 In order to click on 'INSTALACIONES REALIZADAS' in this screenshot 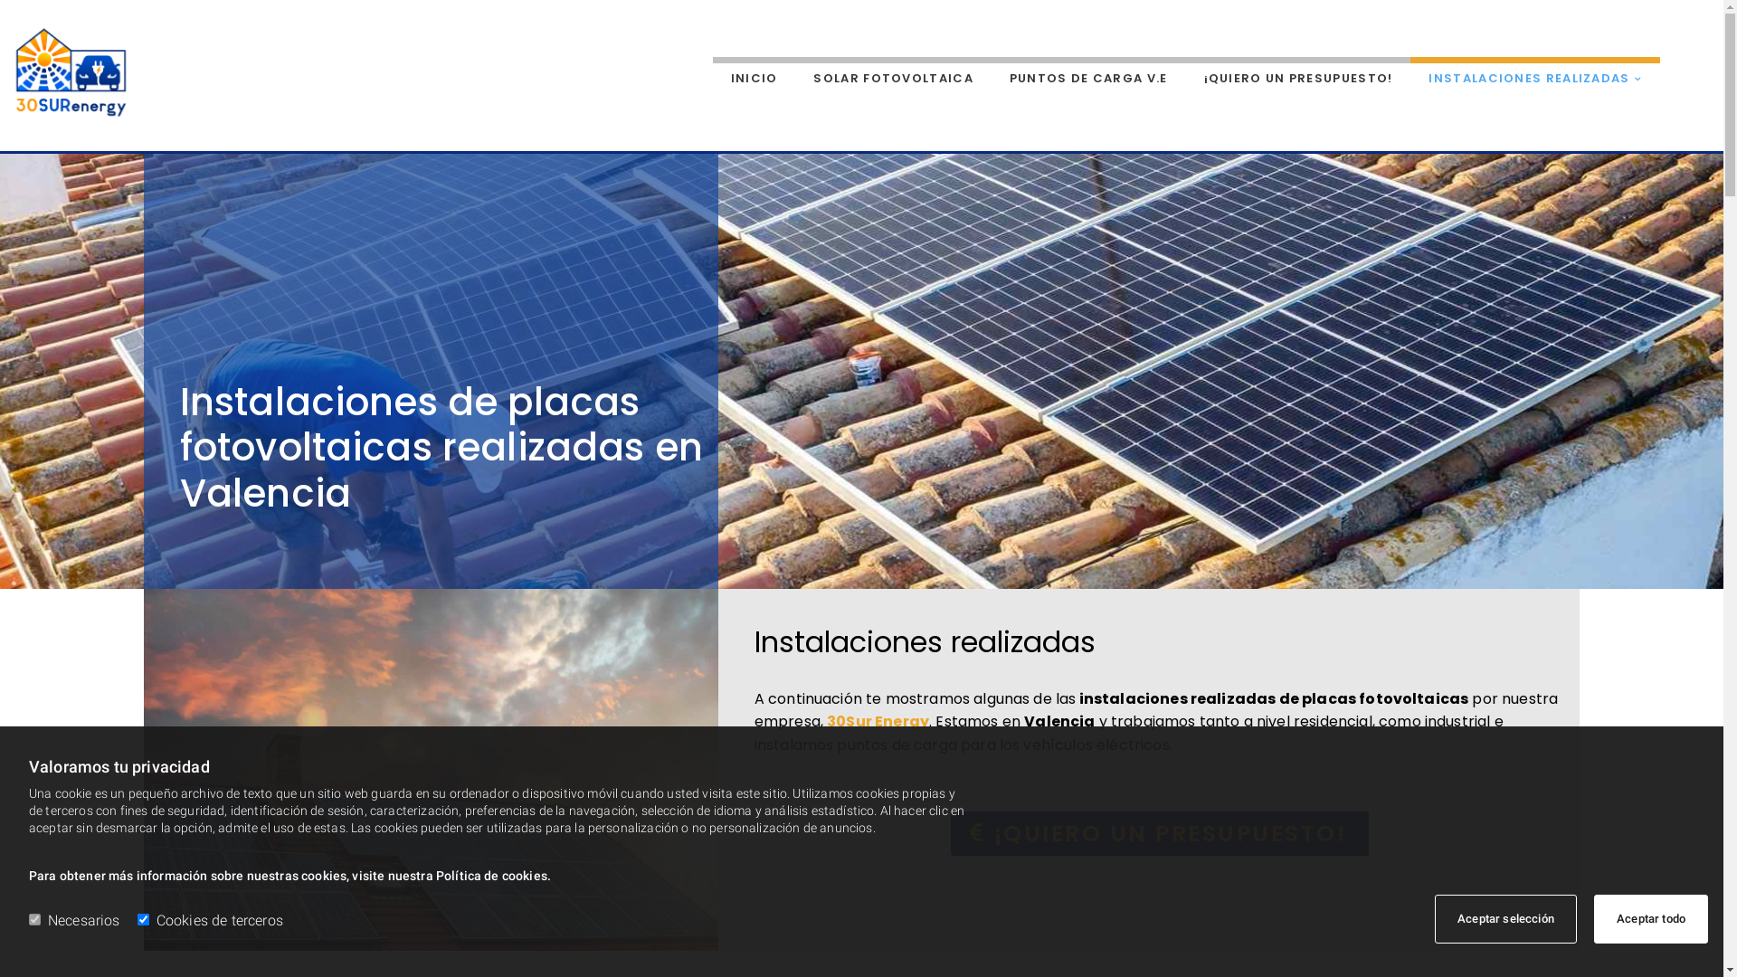, I will do `click(1534, 74)`.